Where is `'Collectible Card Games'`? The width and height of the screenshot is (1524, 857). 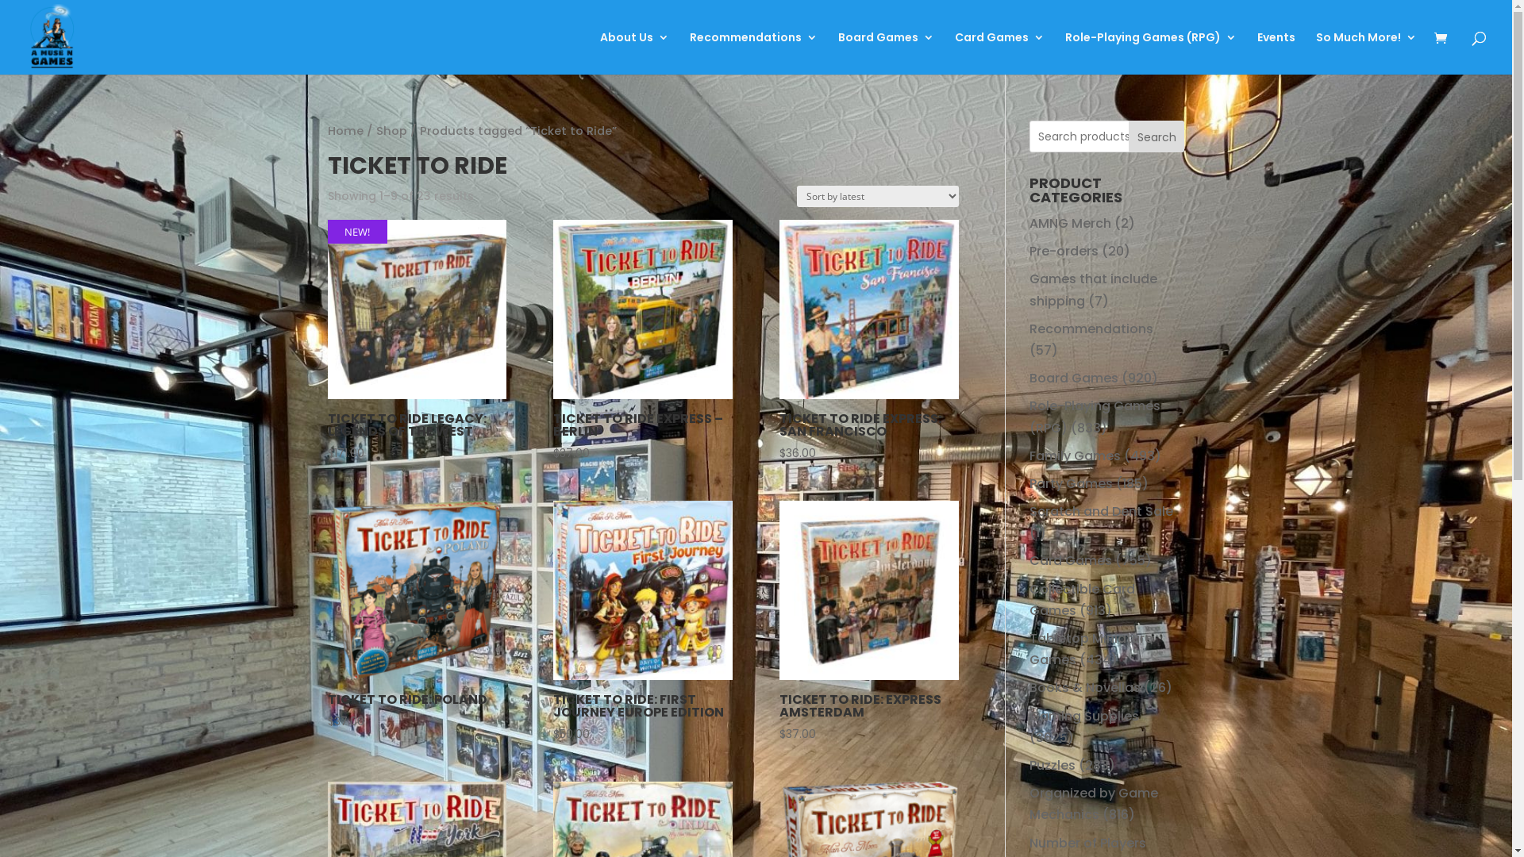
'Collectible Card Games' is located at coordinates (1081, 600).